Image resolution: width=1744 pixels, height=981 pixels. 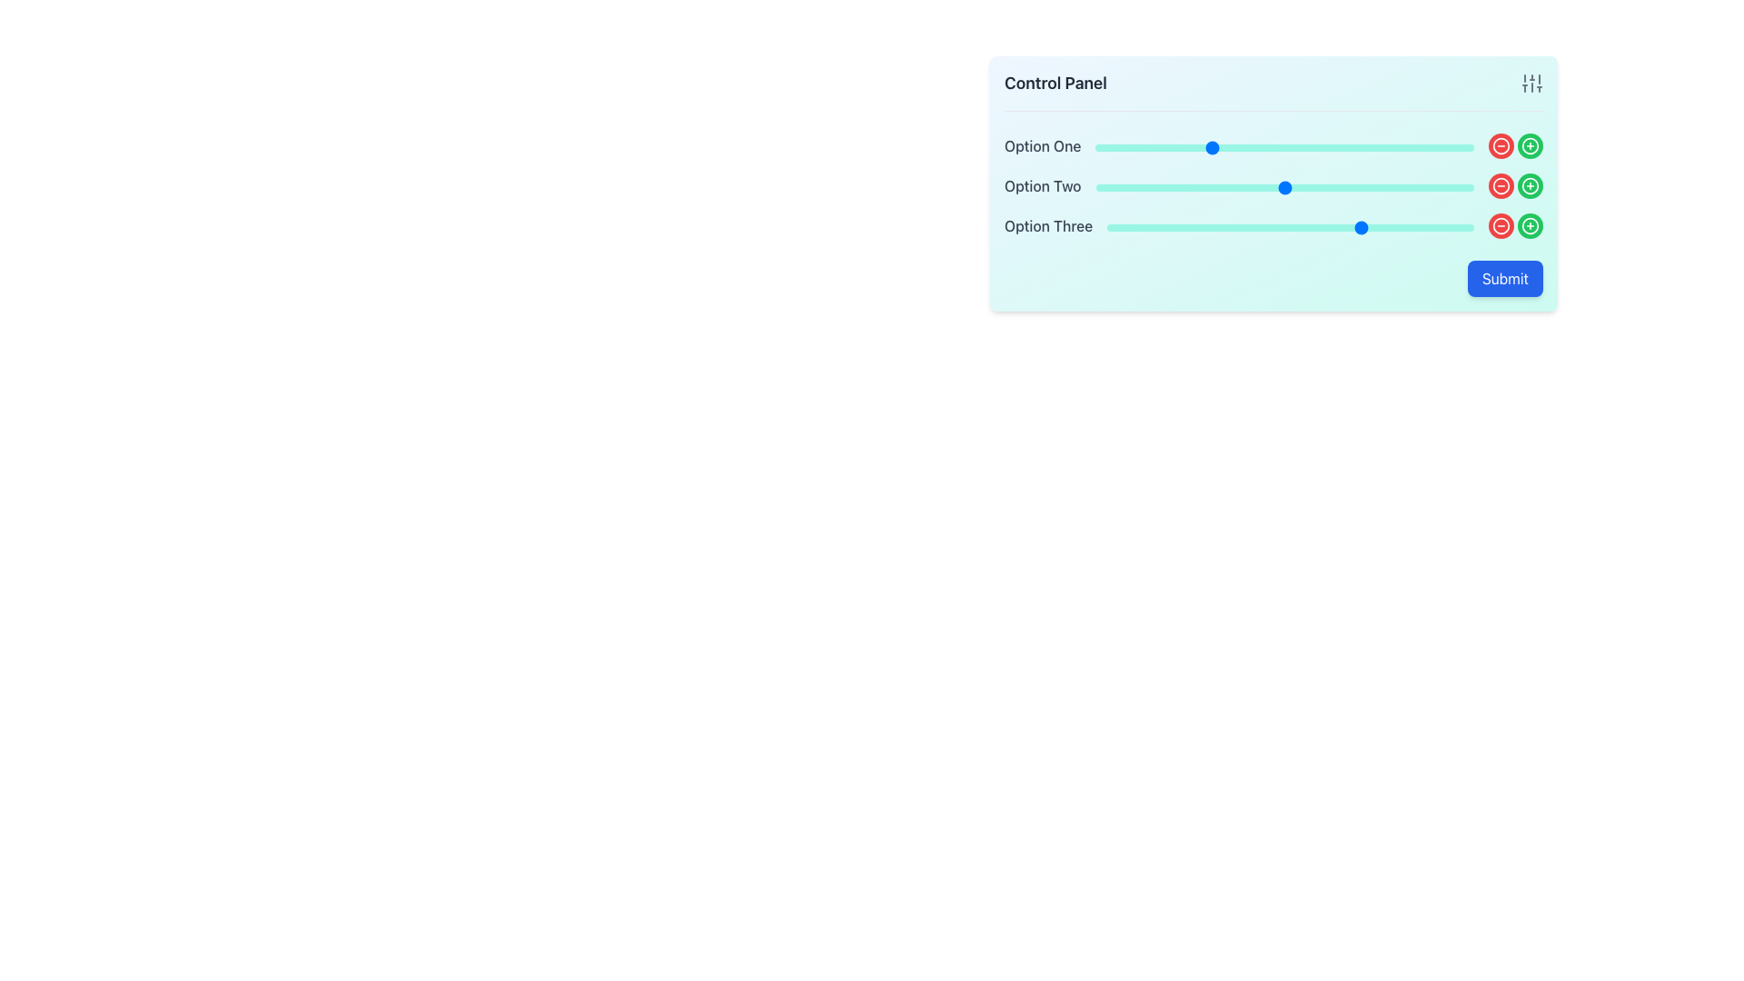 What do you see at coordinates (1114, 146) in the screenshot?
I see `the slider` at bounding box center [1114, 146].